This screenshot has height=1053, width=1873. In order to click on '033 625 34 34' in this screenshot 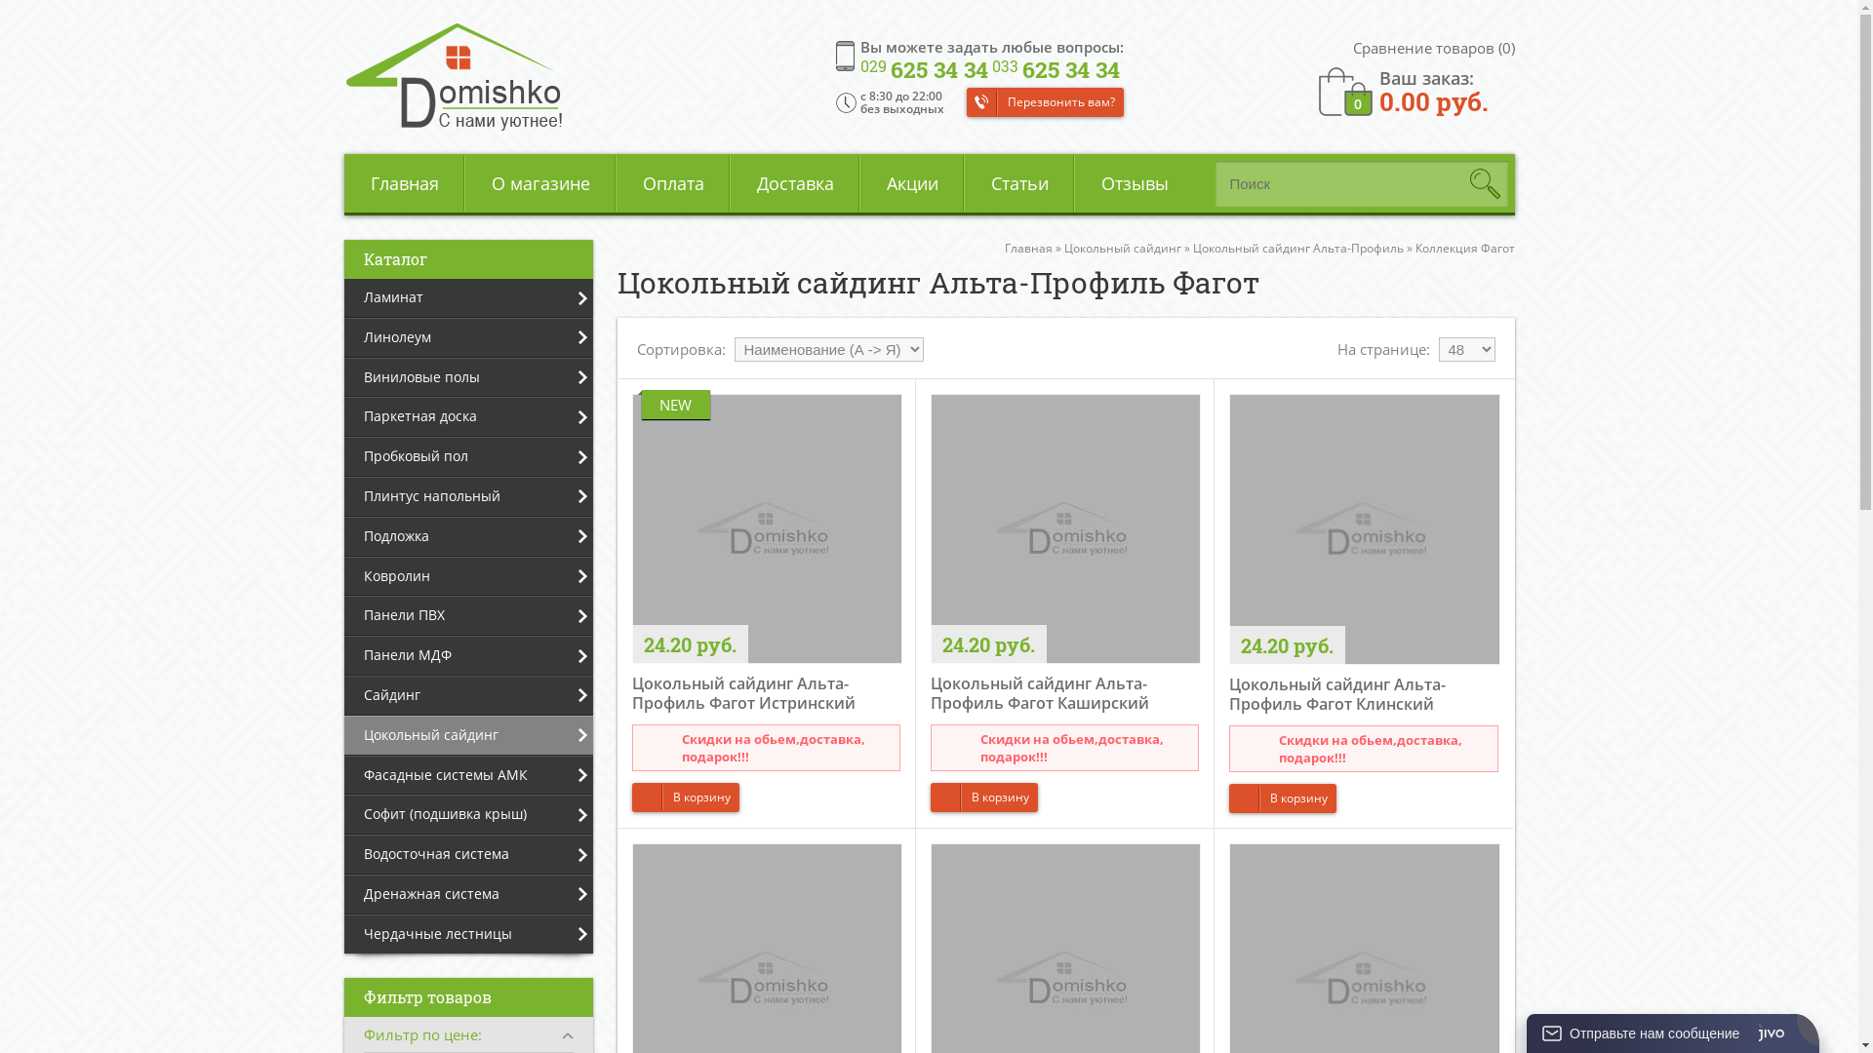, I will do `click(1054, 69)`.